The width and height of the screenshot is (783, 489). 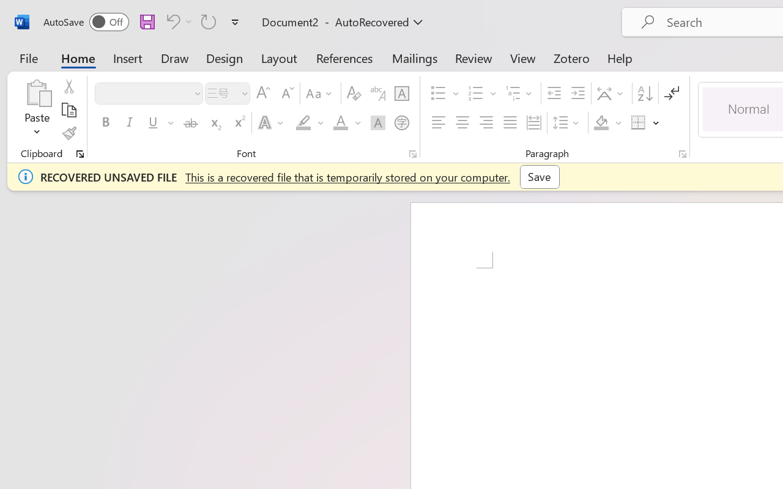 I want to click on 'Text Highlight Color Yellow', so click(x=303, y=123).